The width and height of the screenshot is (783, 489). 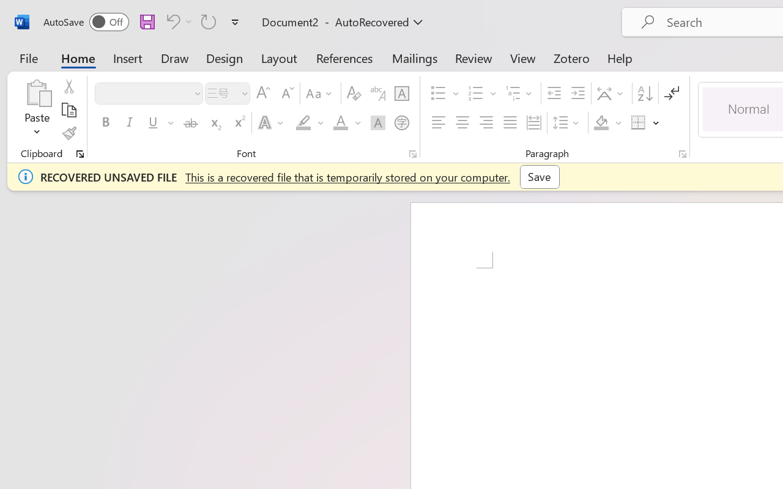 I want to click on 'Text Highlight Color Yellow', so click(x=303, y=123).